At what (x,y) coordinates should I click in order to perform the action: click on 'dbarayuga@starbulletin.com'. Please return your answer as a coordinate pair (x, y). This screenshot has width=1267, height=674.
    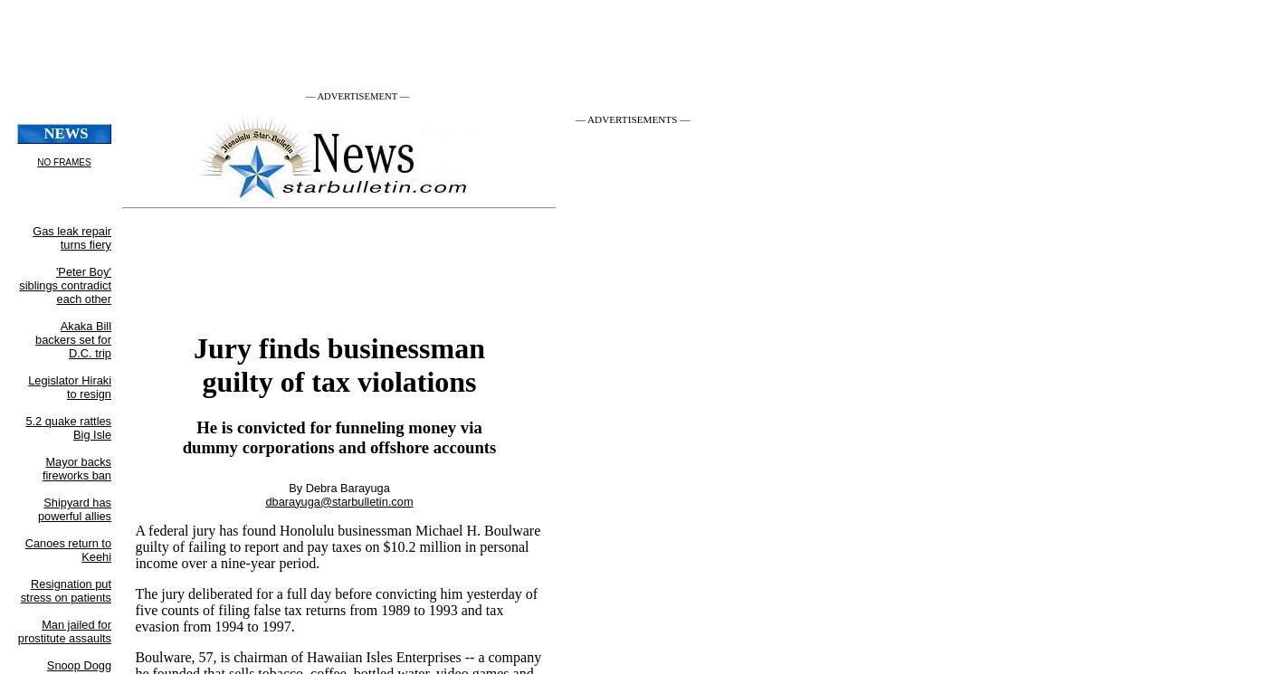
    Looking at the image, I should click on (338, 500).